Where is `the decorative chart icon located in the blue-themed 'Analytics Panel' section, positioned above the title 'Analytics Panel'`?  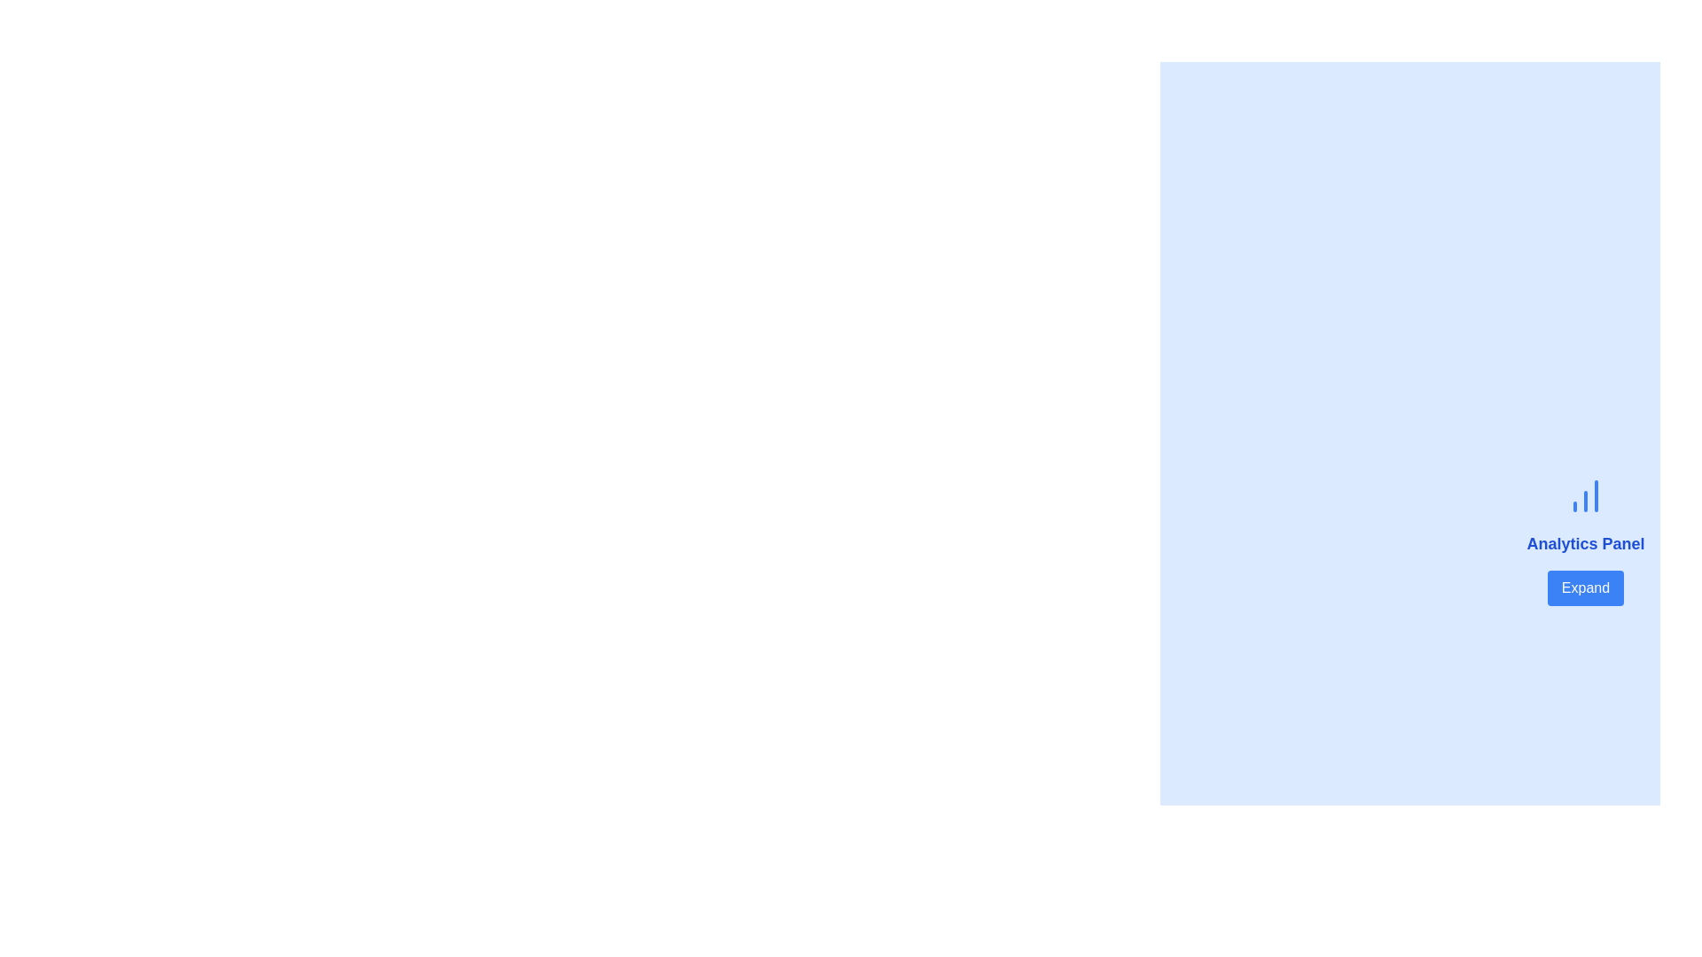
the decorative chart icon located in the blue-themed 'Analytics Panel' section, positioned above the title 'Analytics Panel' is located at coordinates (1586, 495).